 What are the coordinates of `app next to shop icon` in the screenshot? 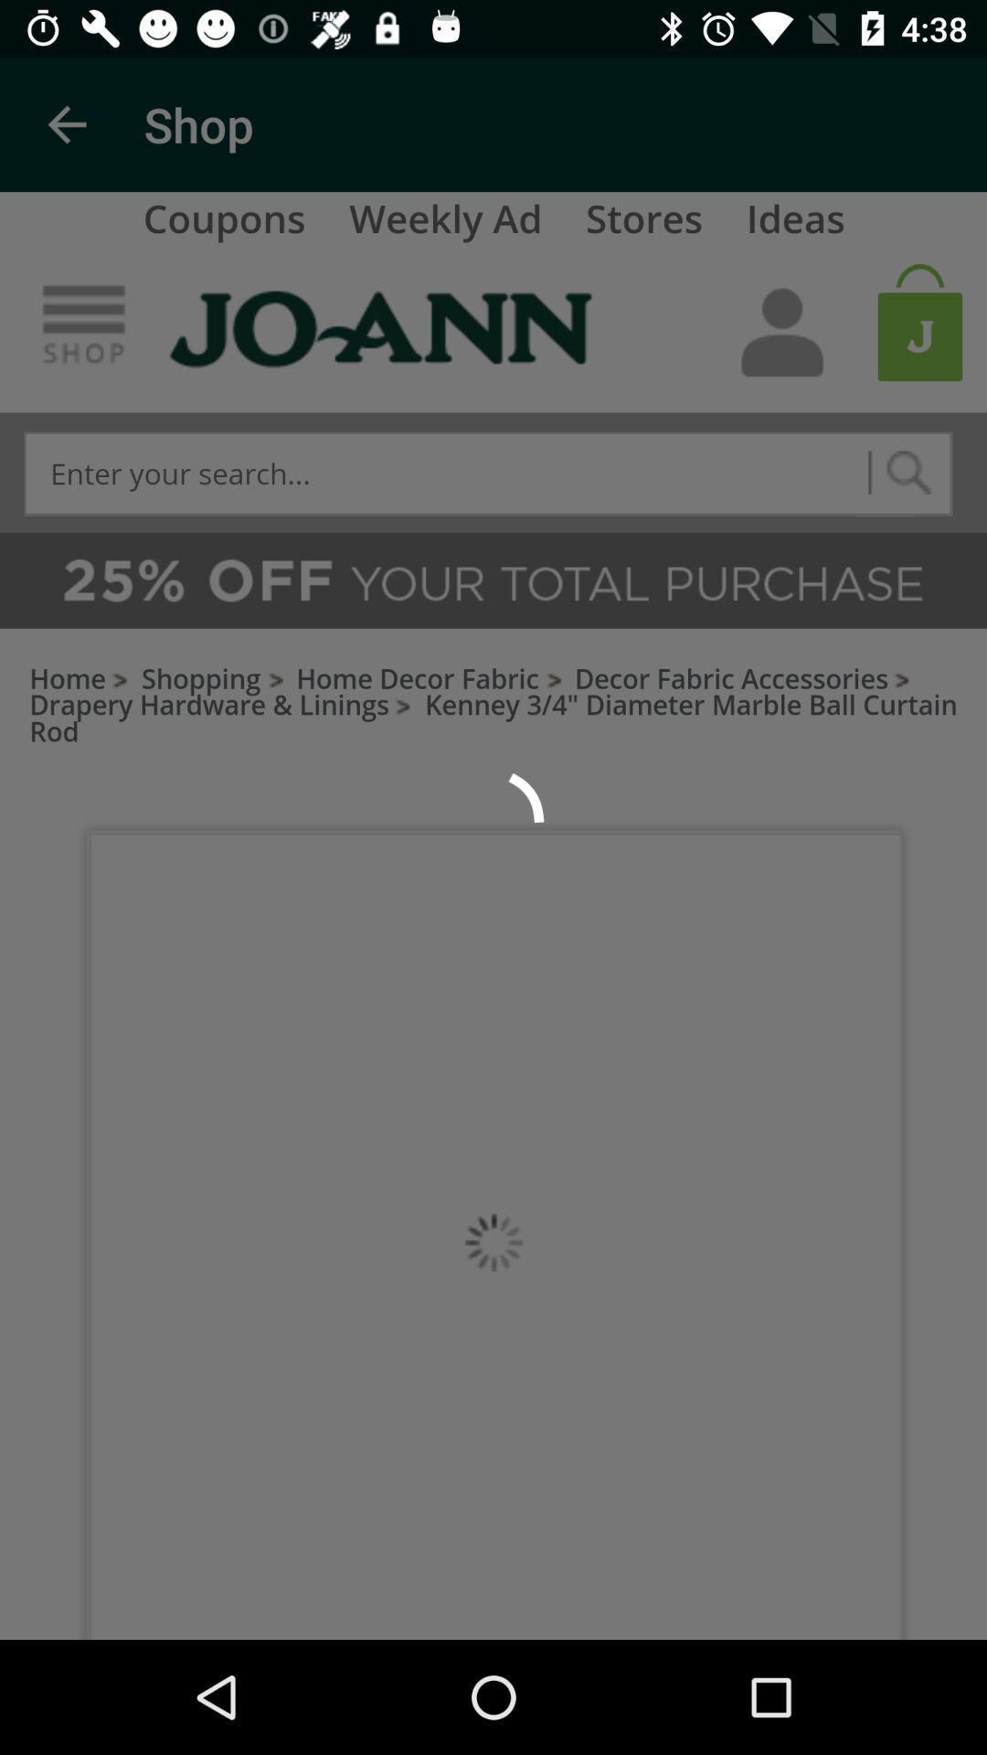 It's located at (66, 123).